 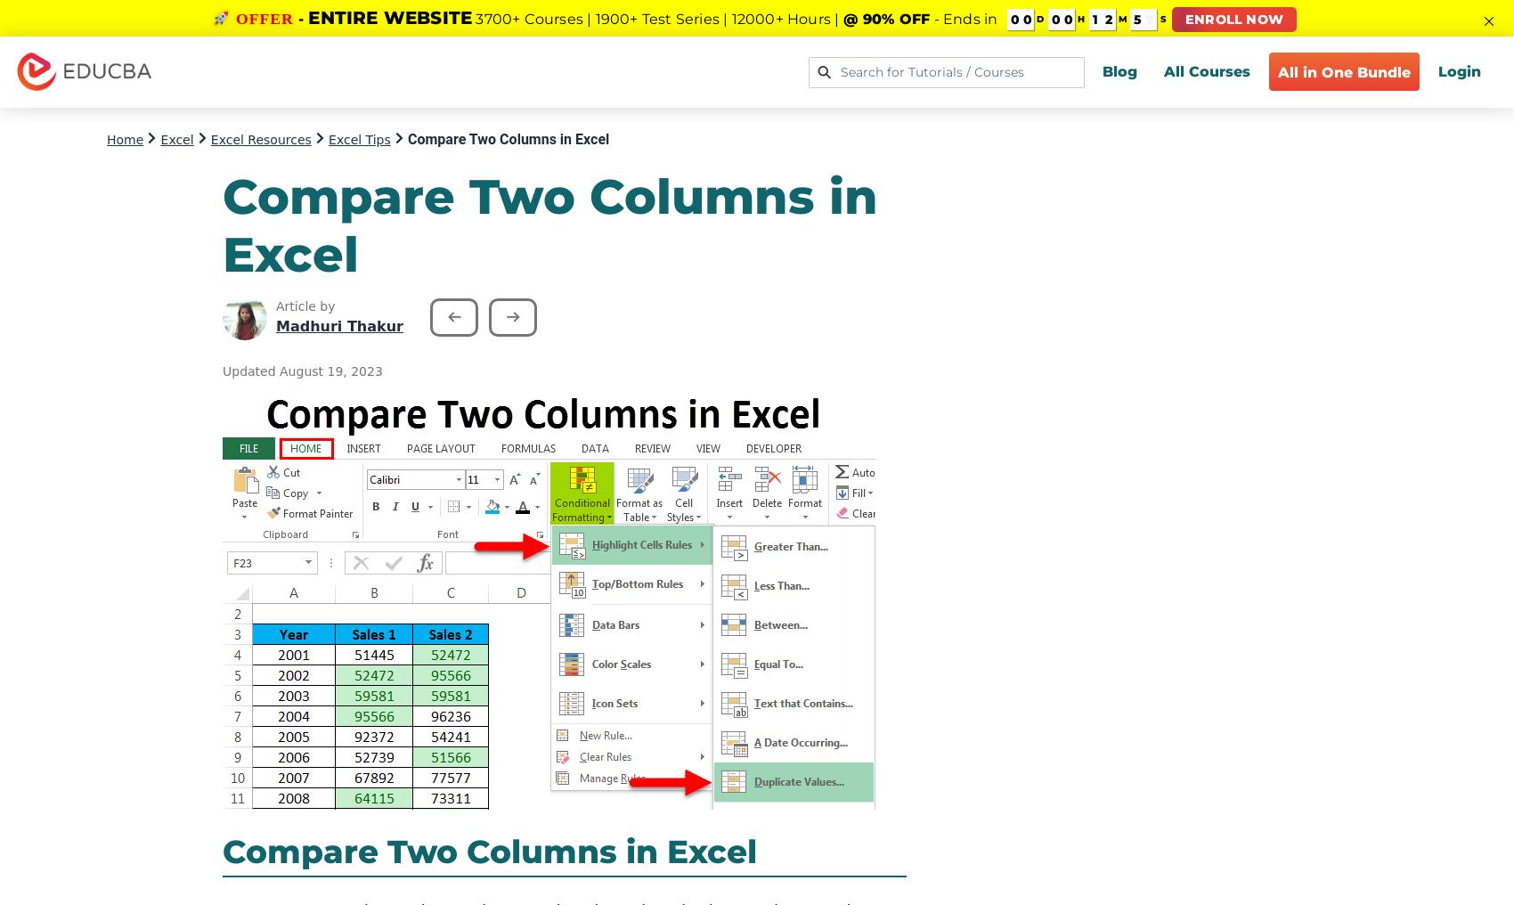 What do you see at coordinates (1092, 19) in the screenshot?
I see `'1'` at bounding box center [1092, 19].